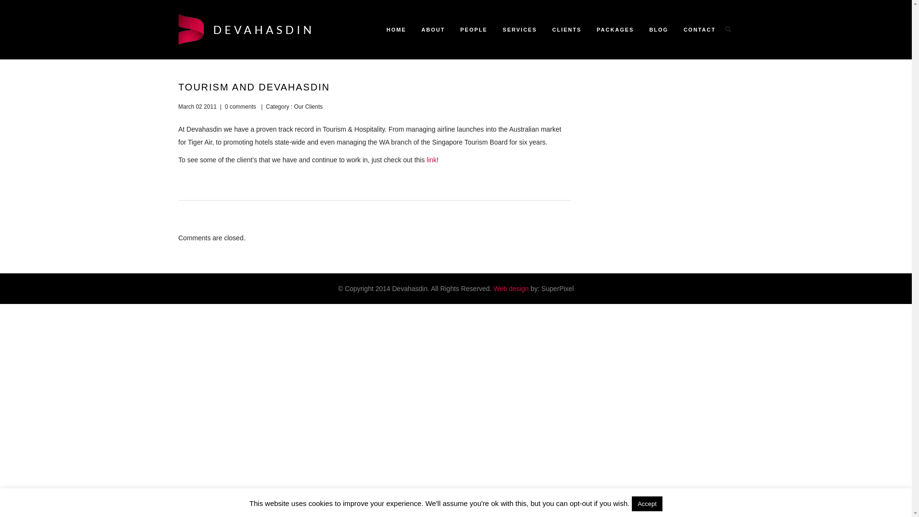  What do you see at coordinates (519, 29) in the screenshot?
I see `'SERVICES'` at bounding box center [519, 29].